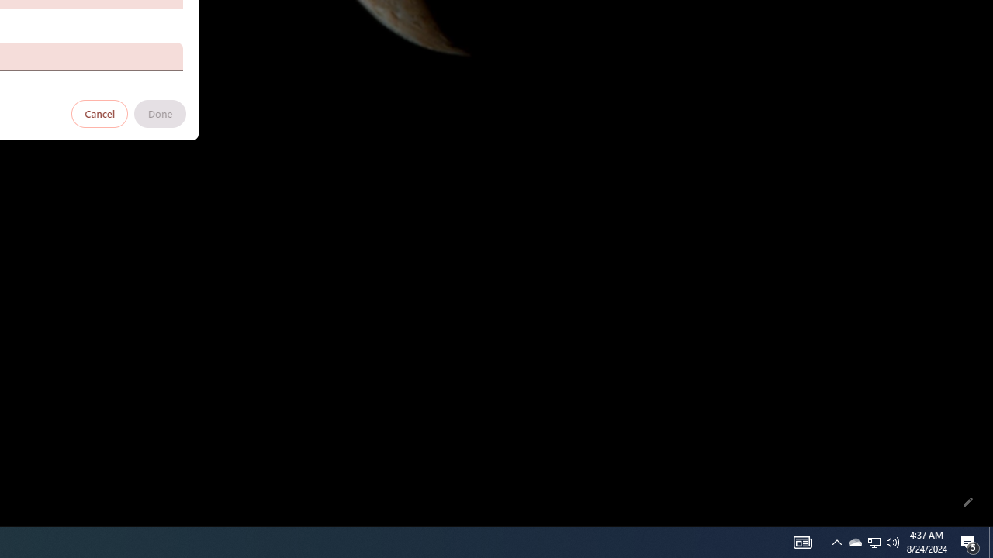  I want to click on 'Done', so click(160, 112).